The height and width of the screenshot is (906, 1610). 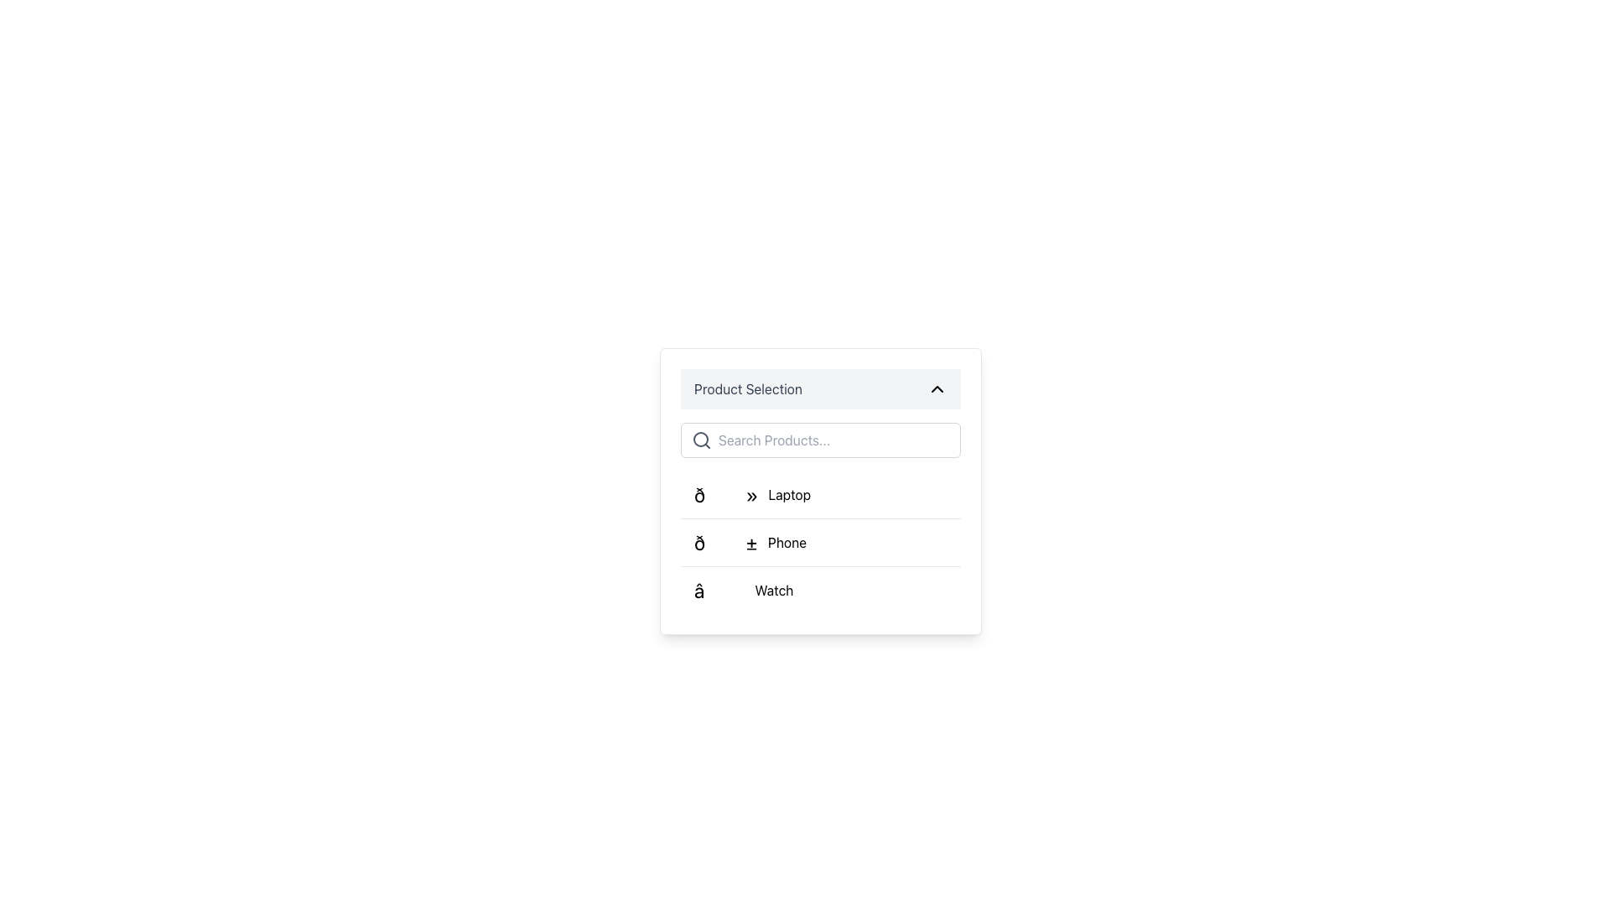 What do you see at coordinates (751, 494) in the screenshot?
I see `the first row in the 'Product Selection' list that contains a laptop icon and the text 'Laptop'` at bounding box center [751, 494].